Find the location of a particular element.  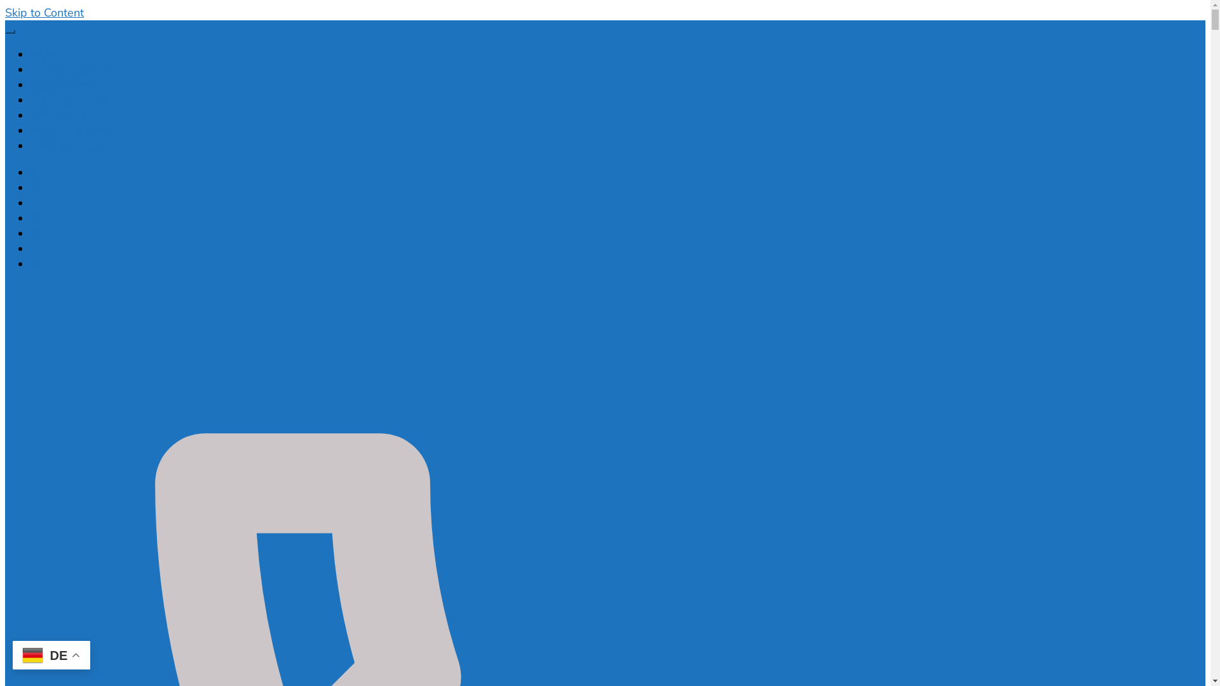

'Triathlon Coach' is located at coordinates (69, 145).